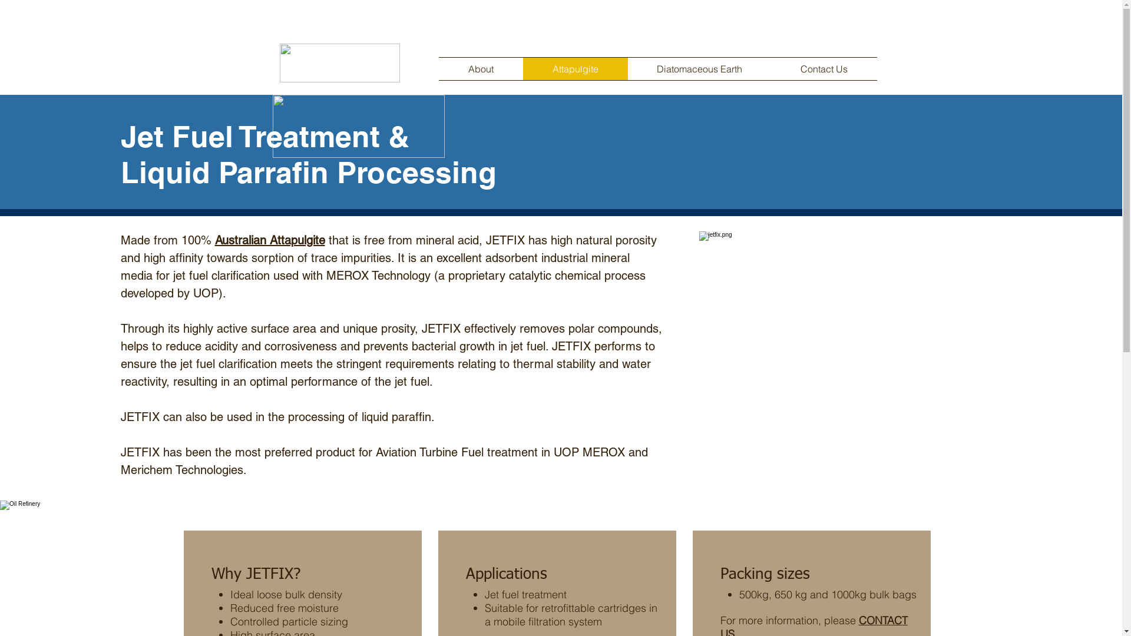 This screenshot has width=1131, height=636. I want to click on 'Contact Us', so click(824, 68).